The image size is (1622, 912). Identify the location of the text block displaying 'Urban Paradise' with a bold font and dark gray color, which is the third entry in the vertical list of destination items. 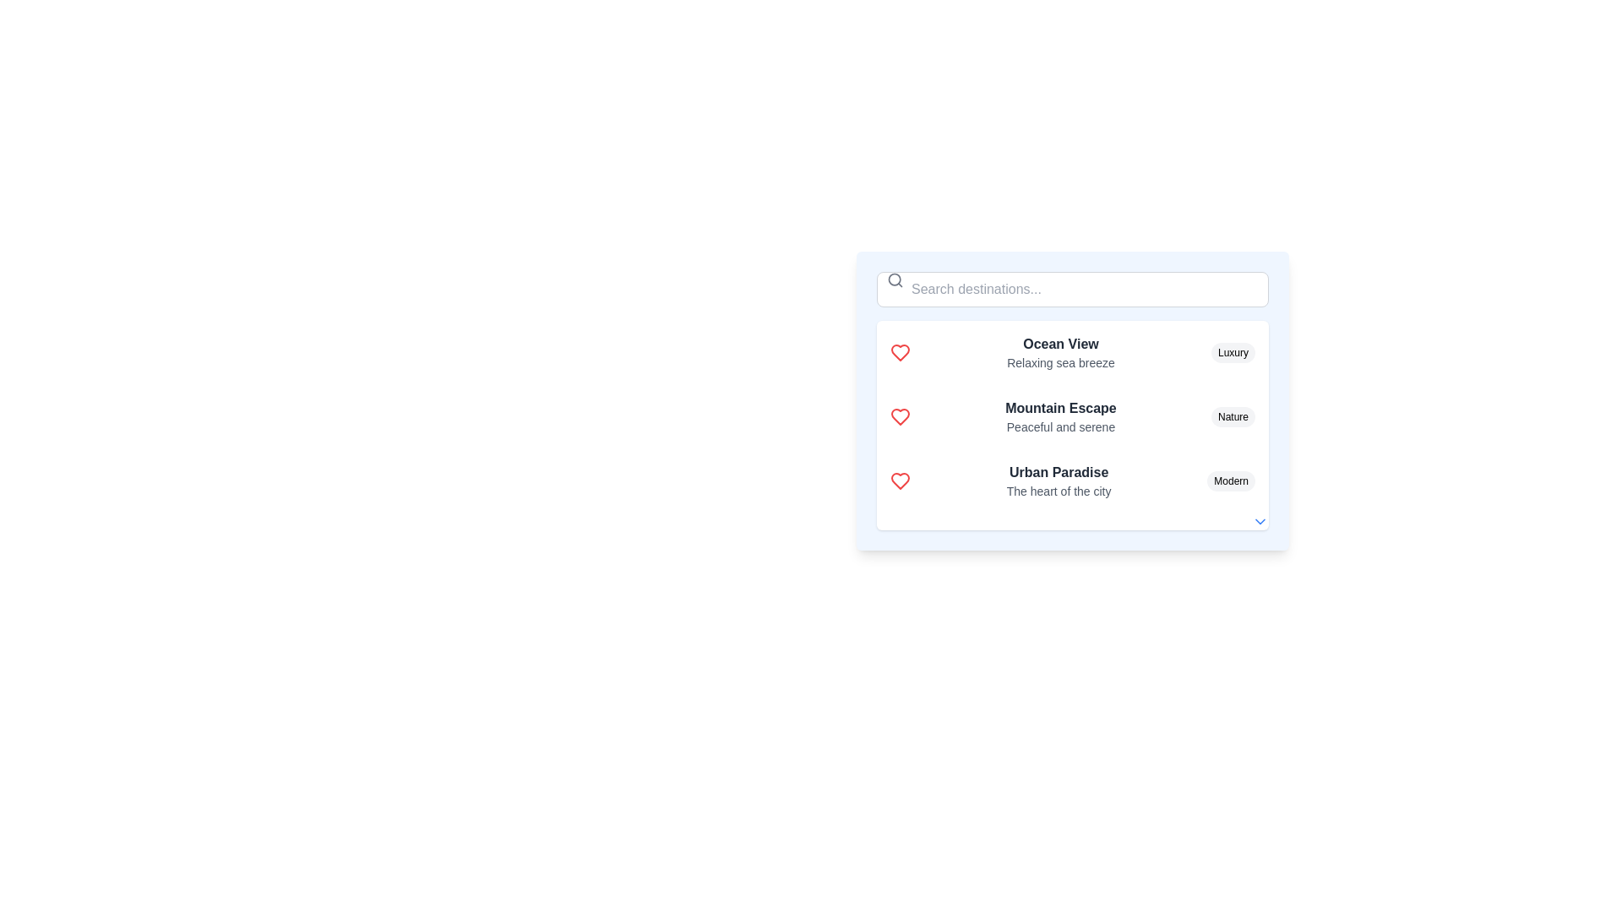
(1058, 481).